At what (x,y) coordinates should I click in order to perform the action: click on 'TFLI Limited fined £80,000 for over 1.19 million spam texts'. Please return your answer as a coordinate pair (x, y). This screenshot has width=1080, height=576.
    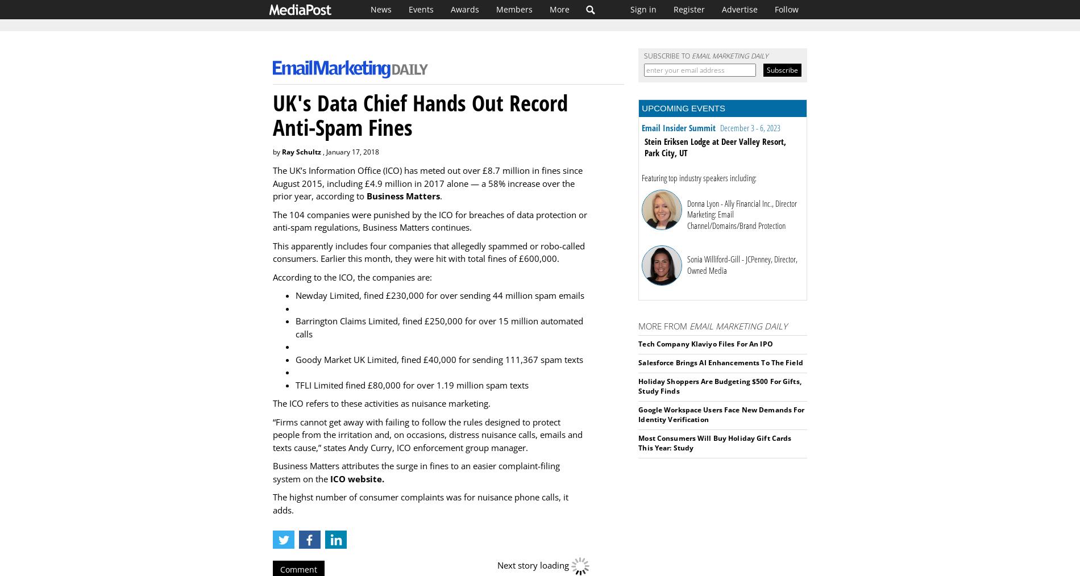
    Looking at the image, I should click on (412, 384).